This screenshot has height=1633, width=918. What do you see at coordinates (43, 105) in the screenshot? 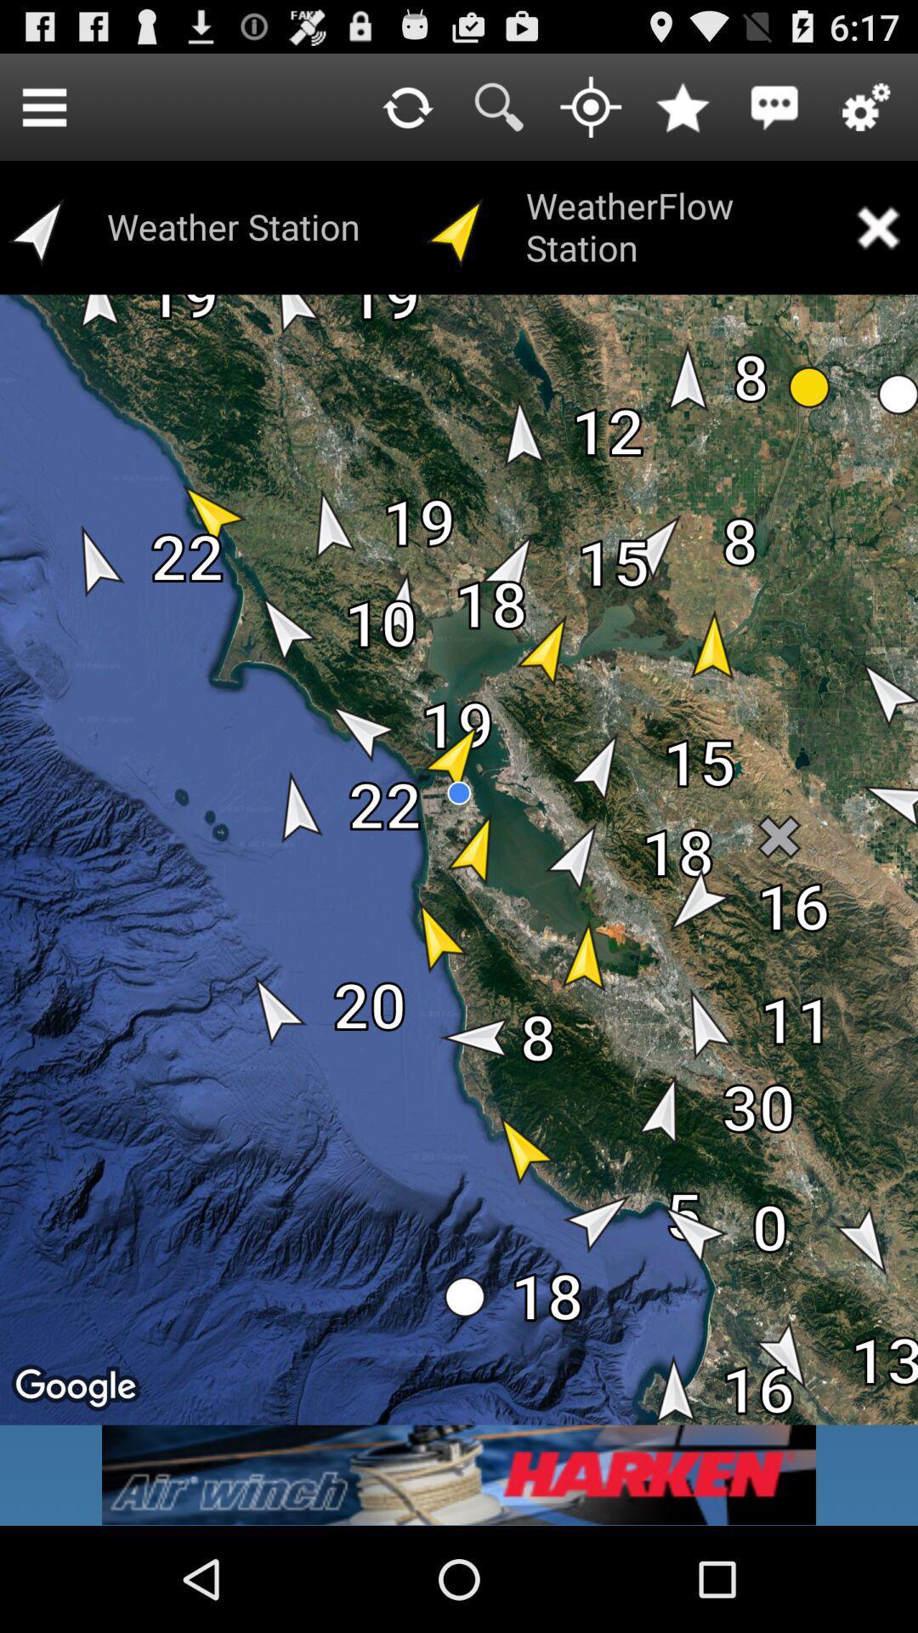
I see `open menu` at bounding box center [43, 105].